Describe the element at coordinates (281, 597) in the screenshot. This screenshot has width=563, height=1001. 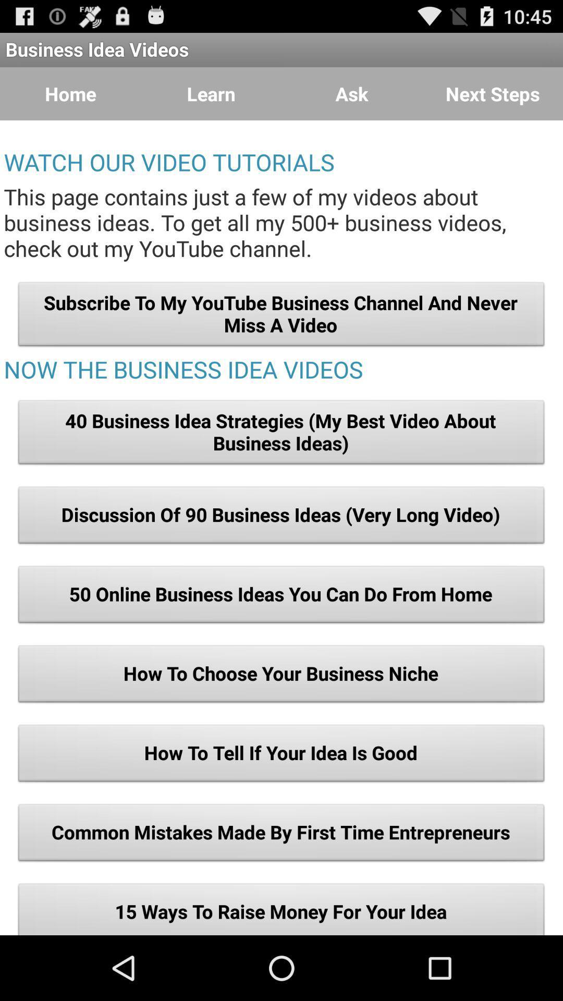
I see `item above the how to choose button` at that location.